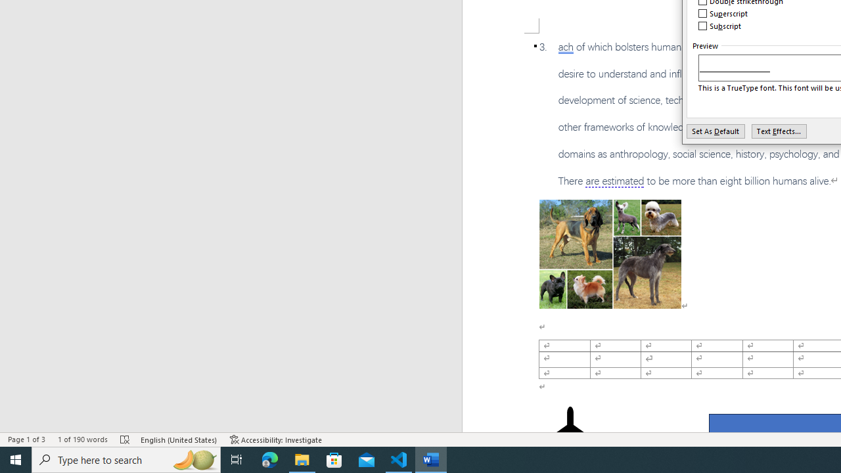 Image resolution: width=841 pixels, height=473 pixels. Describe the element at coordinates (302, 459) in the screenshot. I see `'File Explorer - 1 running window'` at that location.